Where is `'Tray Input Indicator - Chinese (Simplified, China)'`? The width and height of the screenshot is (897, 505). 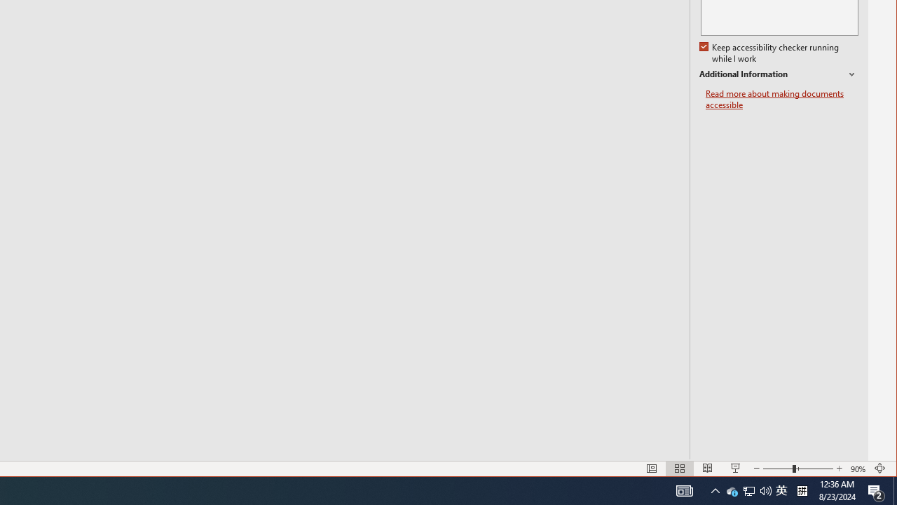 'Tray Input Indicator - Chinese (Simplified, China)' is located at coordinates (777, 469).